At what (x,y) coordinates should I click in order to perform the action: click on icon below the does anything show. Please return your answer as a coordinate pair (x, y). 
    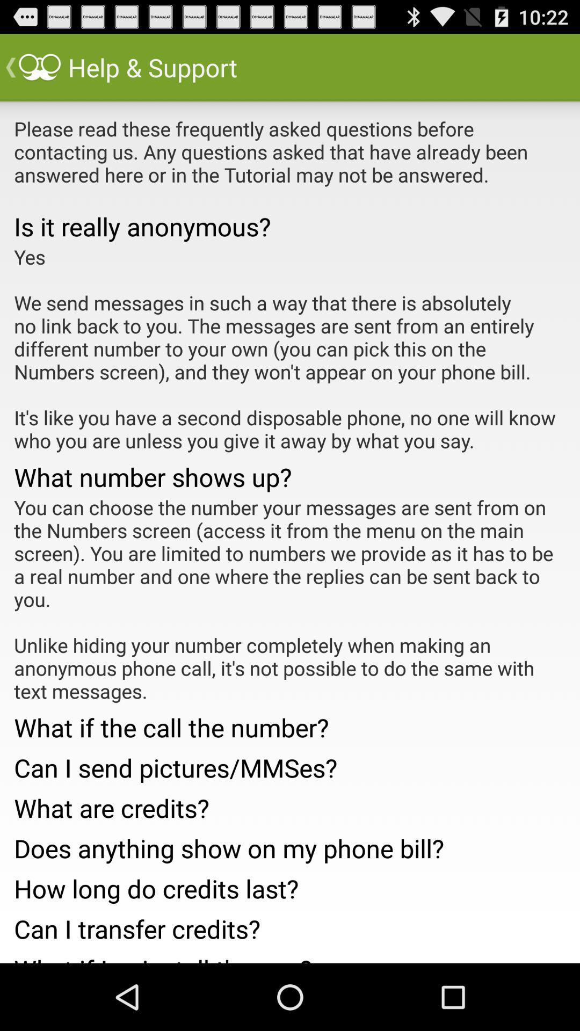
    Looking at the image, I should click on (290, 885).